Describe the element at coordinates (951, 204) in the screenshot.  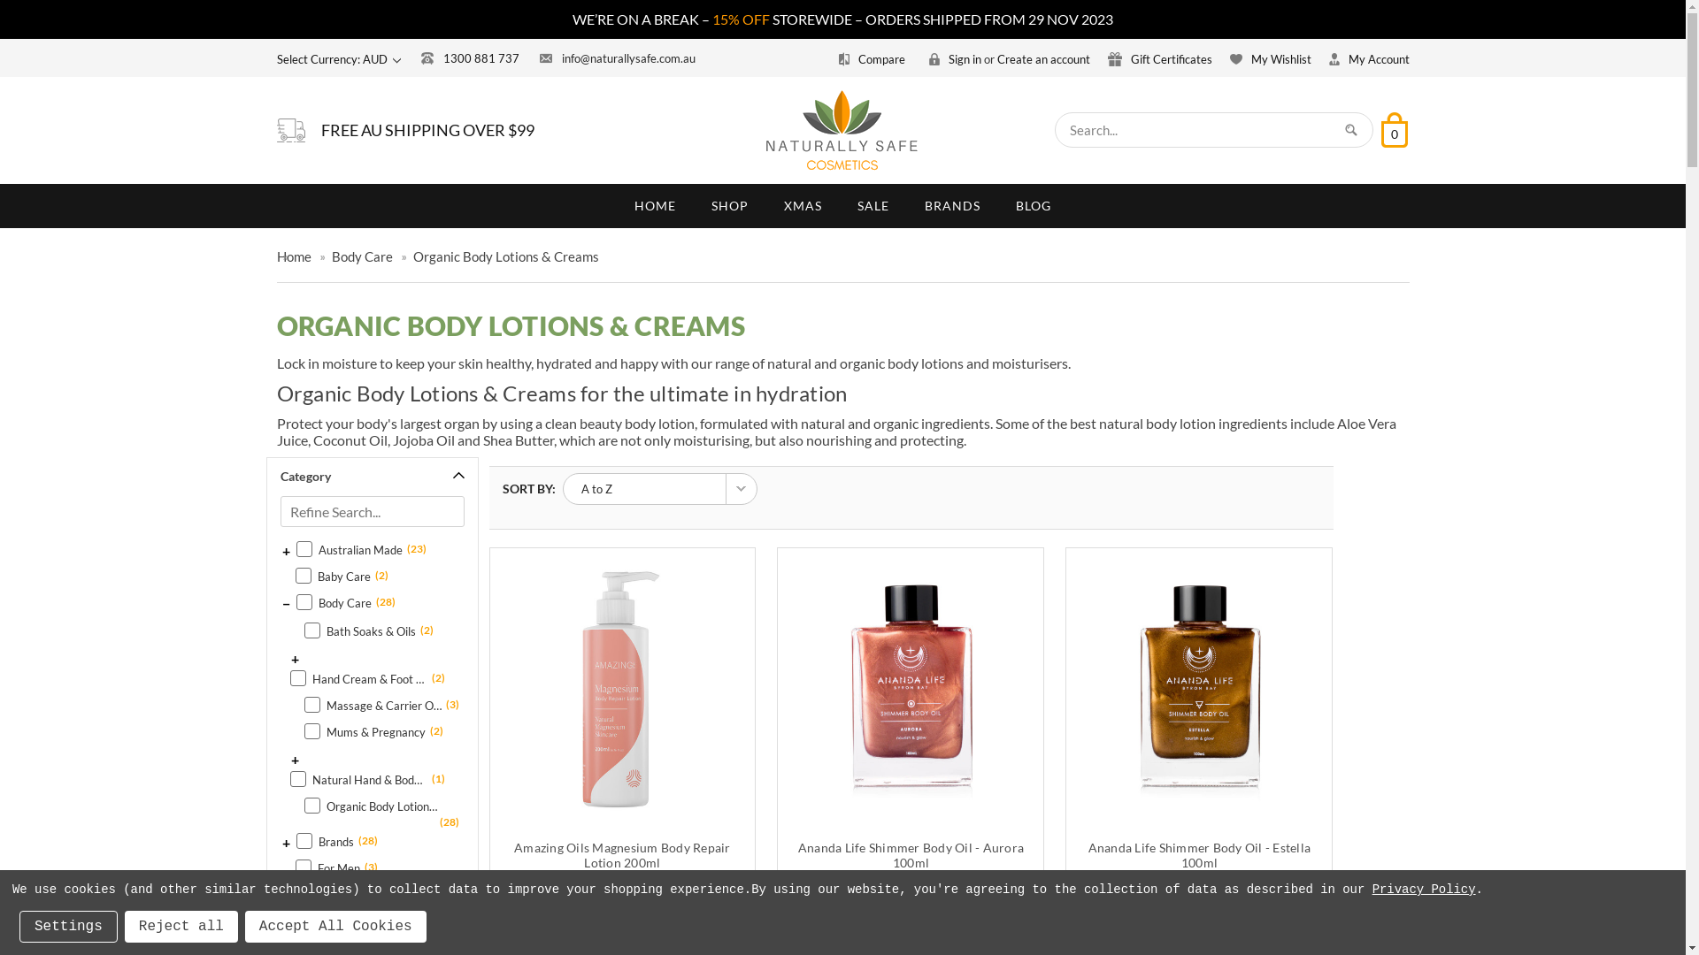
I see `'BRANDS'` at that location.